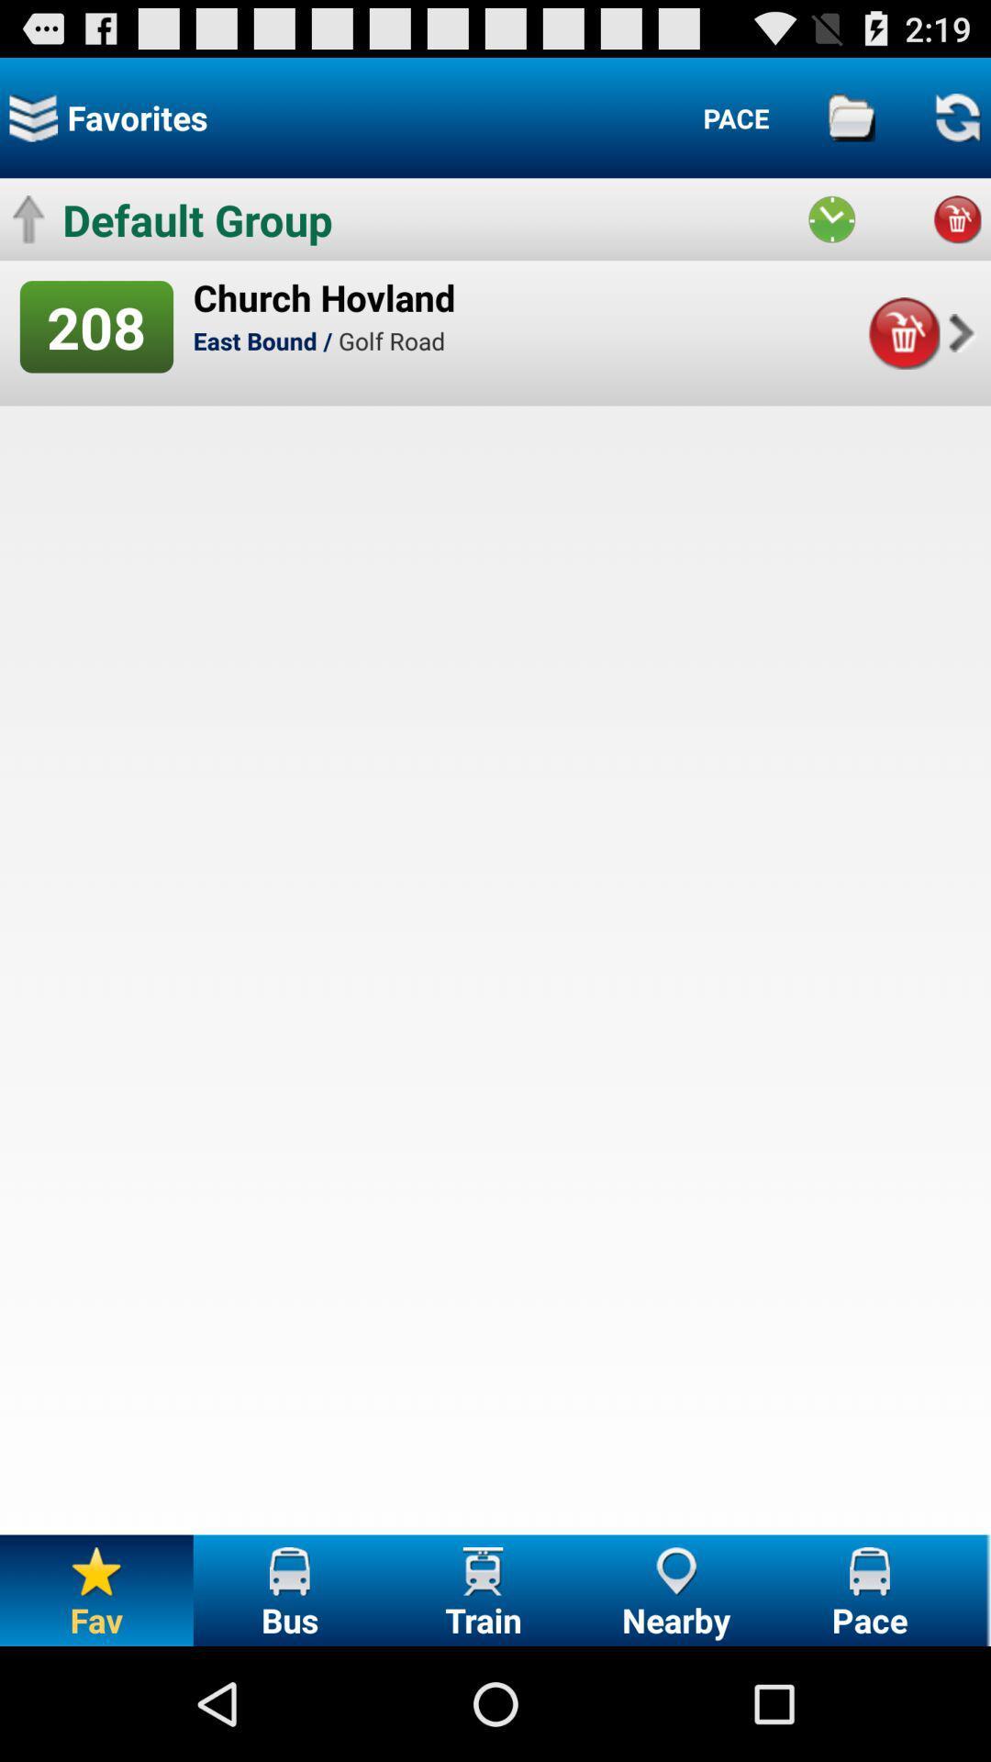 This screenshot has width=991, height=1762. What do you see at coordinates (831, 219) in the screenshot?
I see `the clock icon beside the default group` at bounding box center [831, 219].